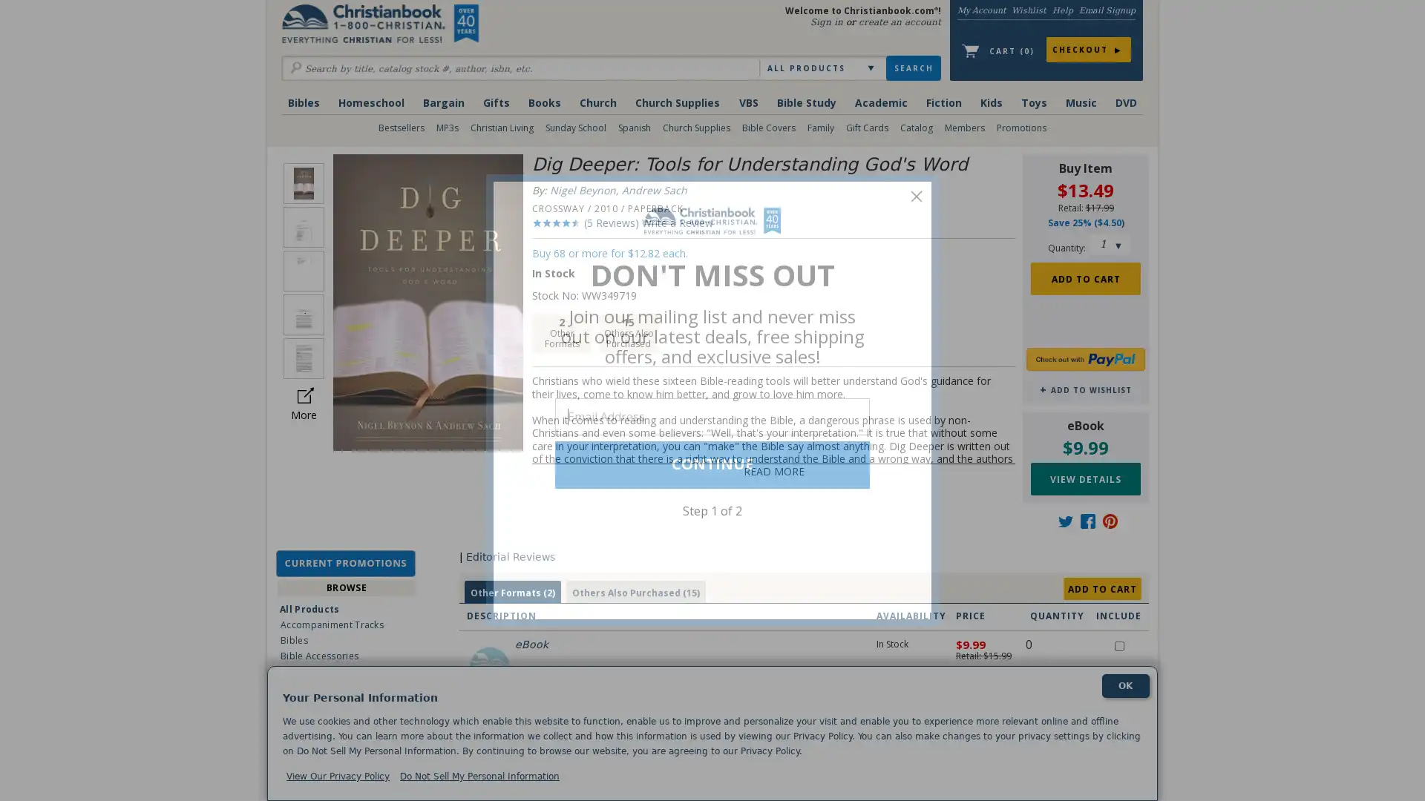 This screenshot has width=1425, height=801. What do you see at coordinates (303, 394) in the screenshot?
I see `Additional Views` at bounding box center [303, 394].